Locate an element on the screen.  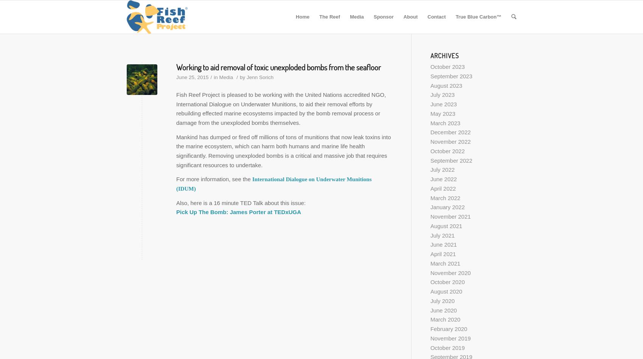
'July 2023' is located at coordinates (442, 94).